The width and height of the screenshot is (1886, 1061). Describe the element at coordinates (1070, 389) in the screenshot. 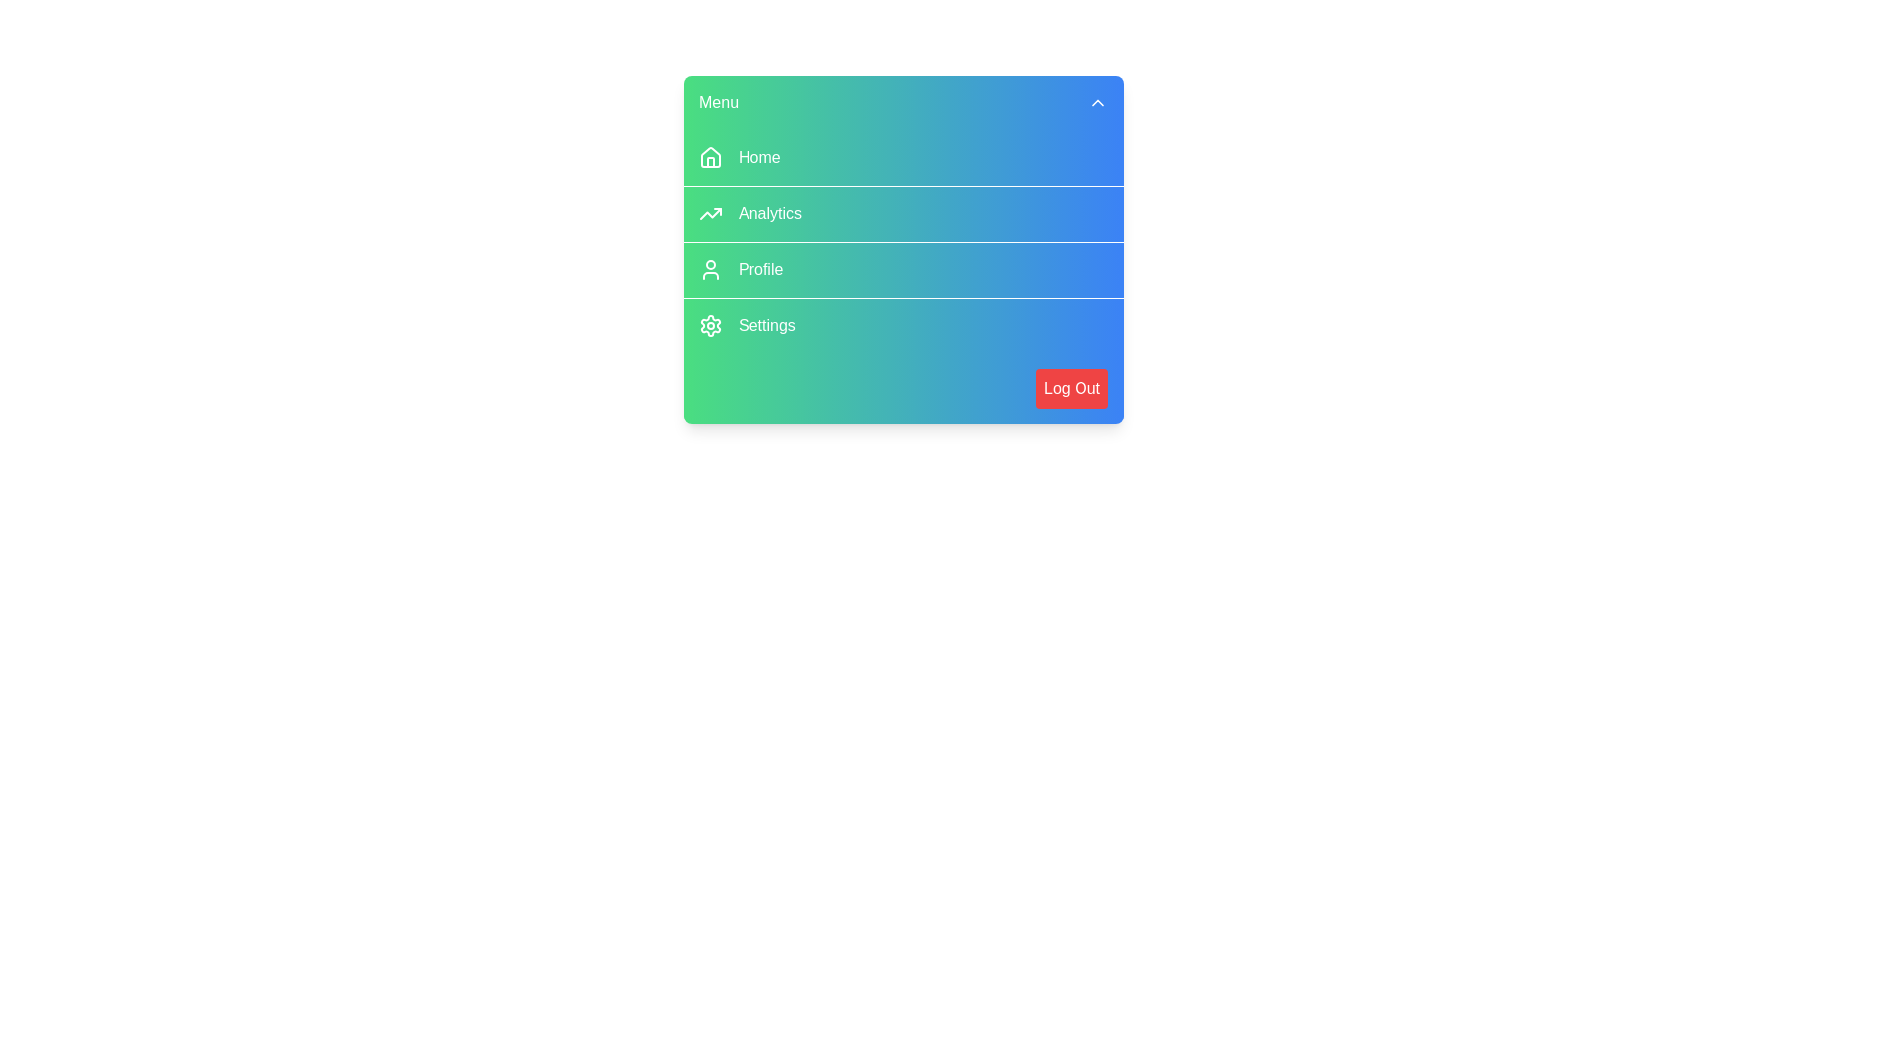

I see `the 'Log Out' button in the UserMenu component` at that location.